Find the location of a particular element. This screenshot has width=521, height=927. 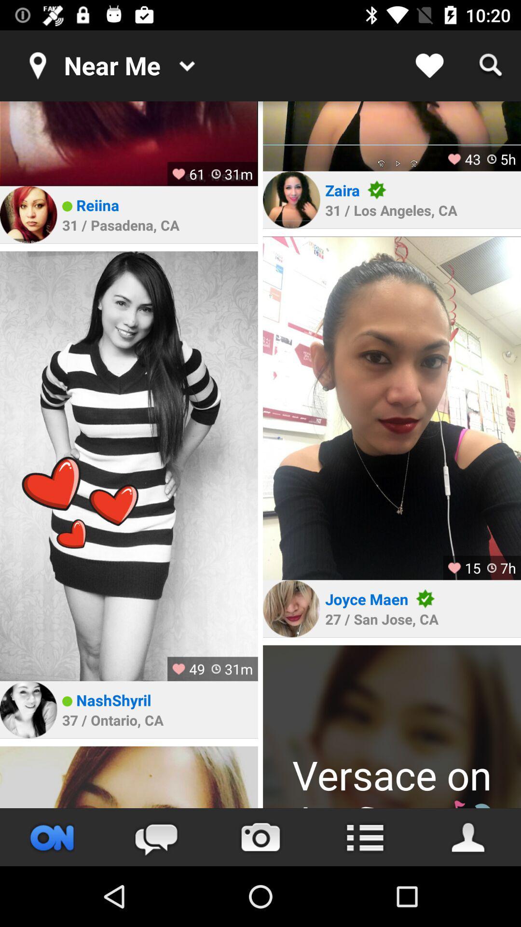

profile picture to go to person 's profile is located at coordinates (28, 709).